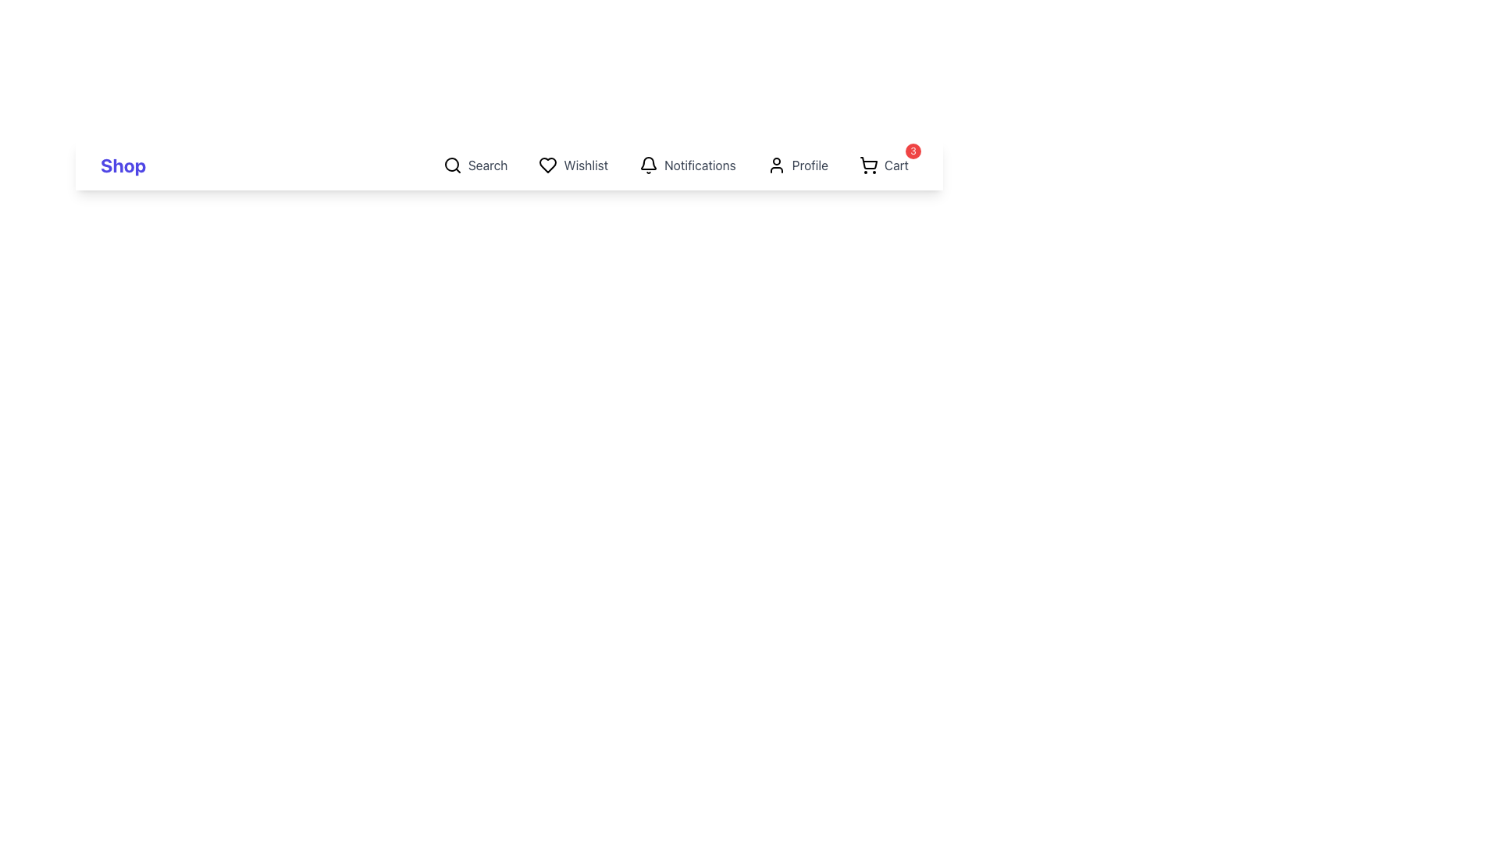  I want to click on the badge that indicates the number of items in the user's cart, located in the upper-right corner of the cart section in the navigation bar, so click(913, 151).